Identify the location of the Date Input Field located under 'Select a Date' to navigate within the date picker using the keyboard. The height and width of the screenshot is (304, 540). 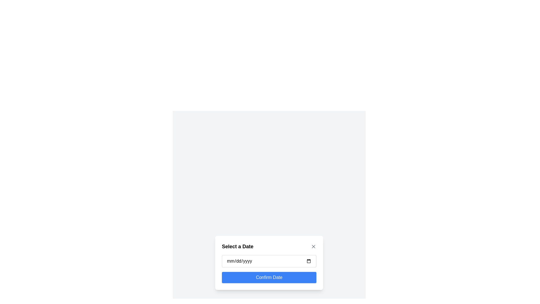
(269, 261).